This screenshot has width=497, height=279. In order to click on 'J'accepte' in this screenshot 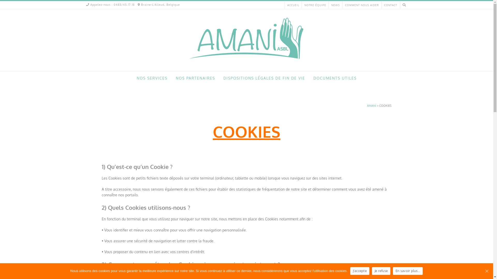, I will do `click(360, 271)`.